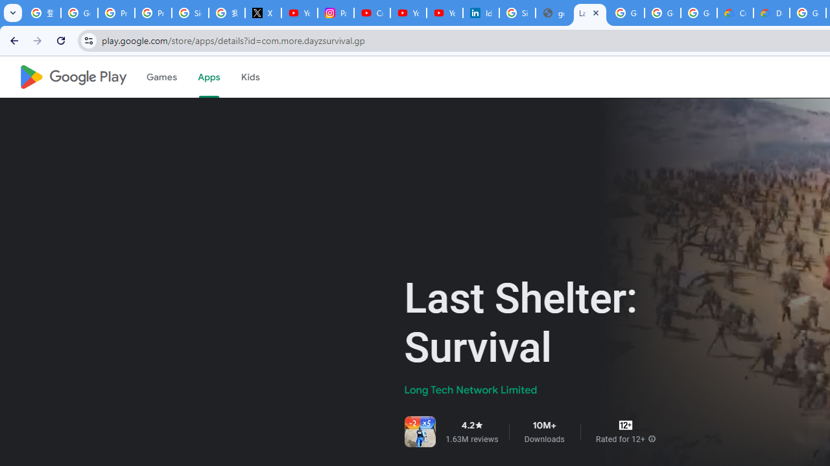 This screenshot has width=830, height=466. I want to click on 'Privacy Help Center - Policies Help', so click(116, 13).